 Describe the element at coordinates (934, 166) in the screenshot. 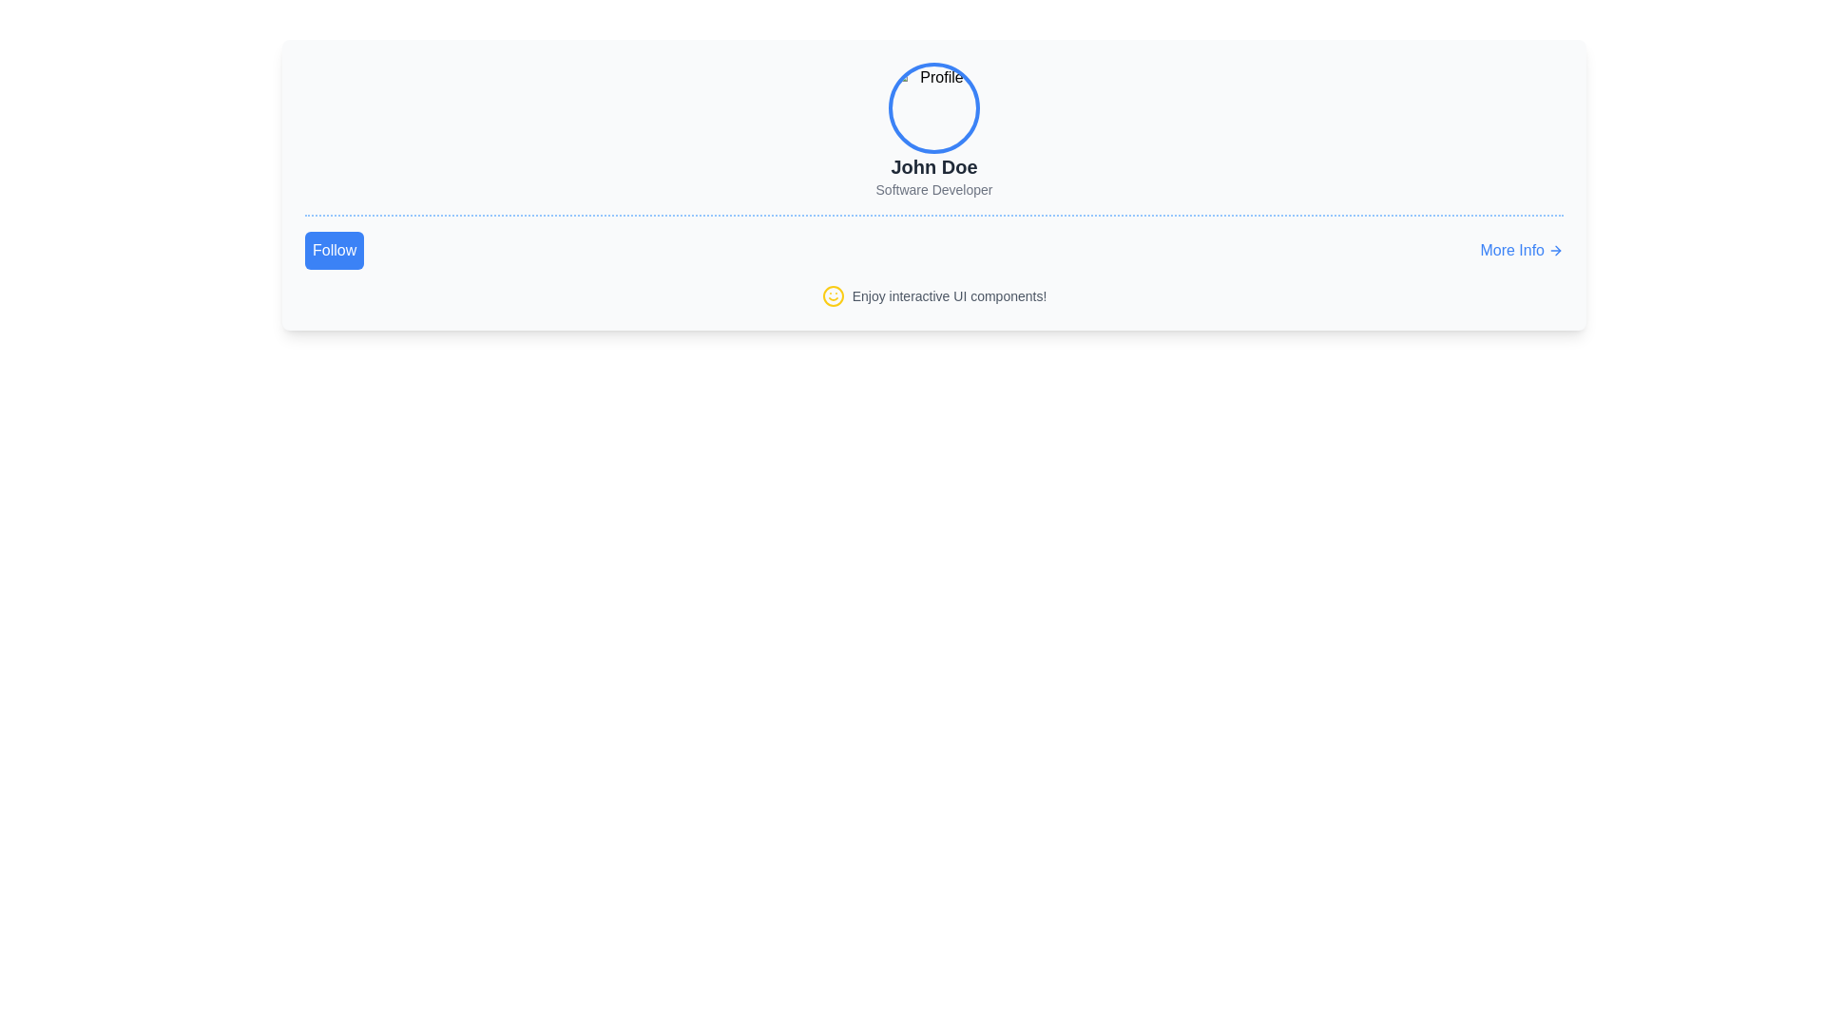

I see `the static text element displaying 'John Doe' in bold, large dark-gray text, which is centrally aligned beneath a profile image` at that location.